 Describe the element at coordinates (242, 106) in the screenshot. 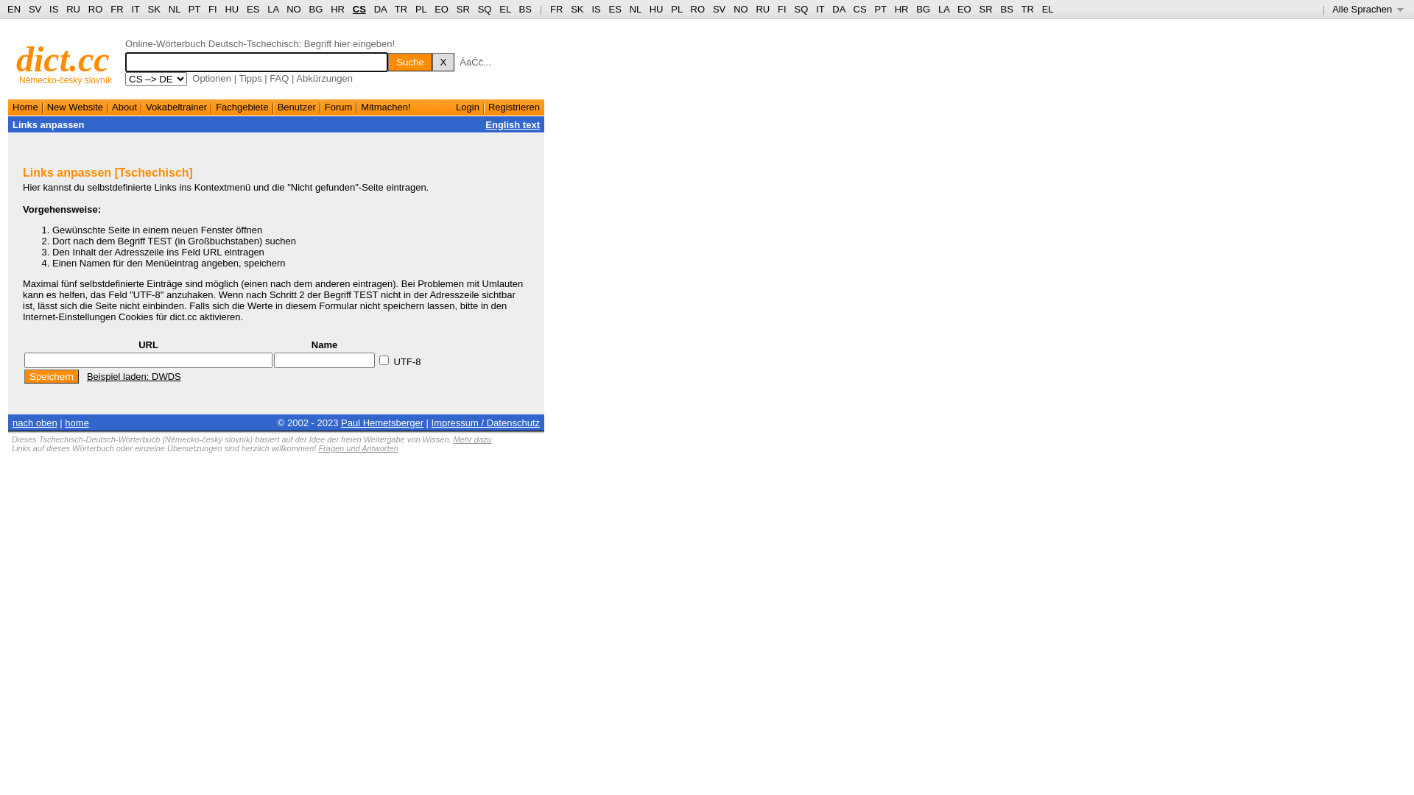

I see `'Fachgebiete'` at that location.